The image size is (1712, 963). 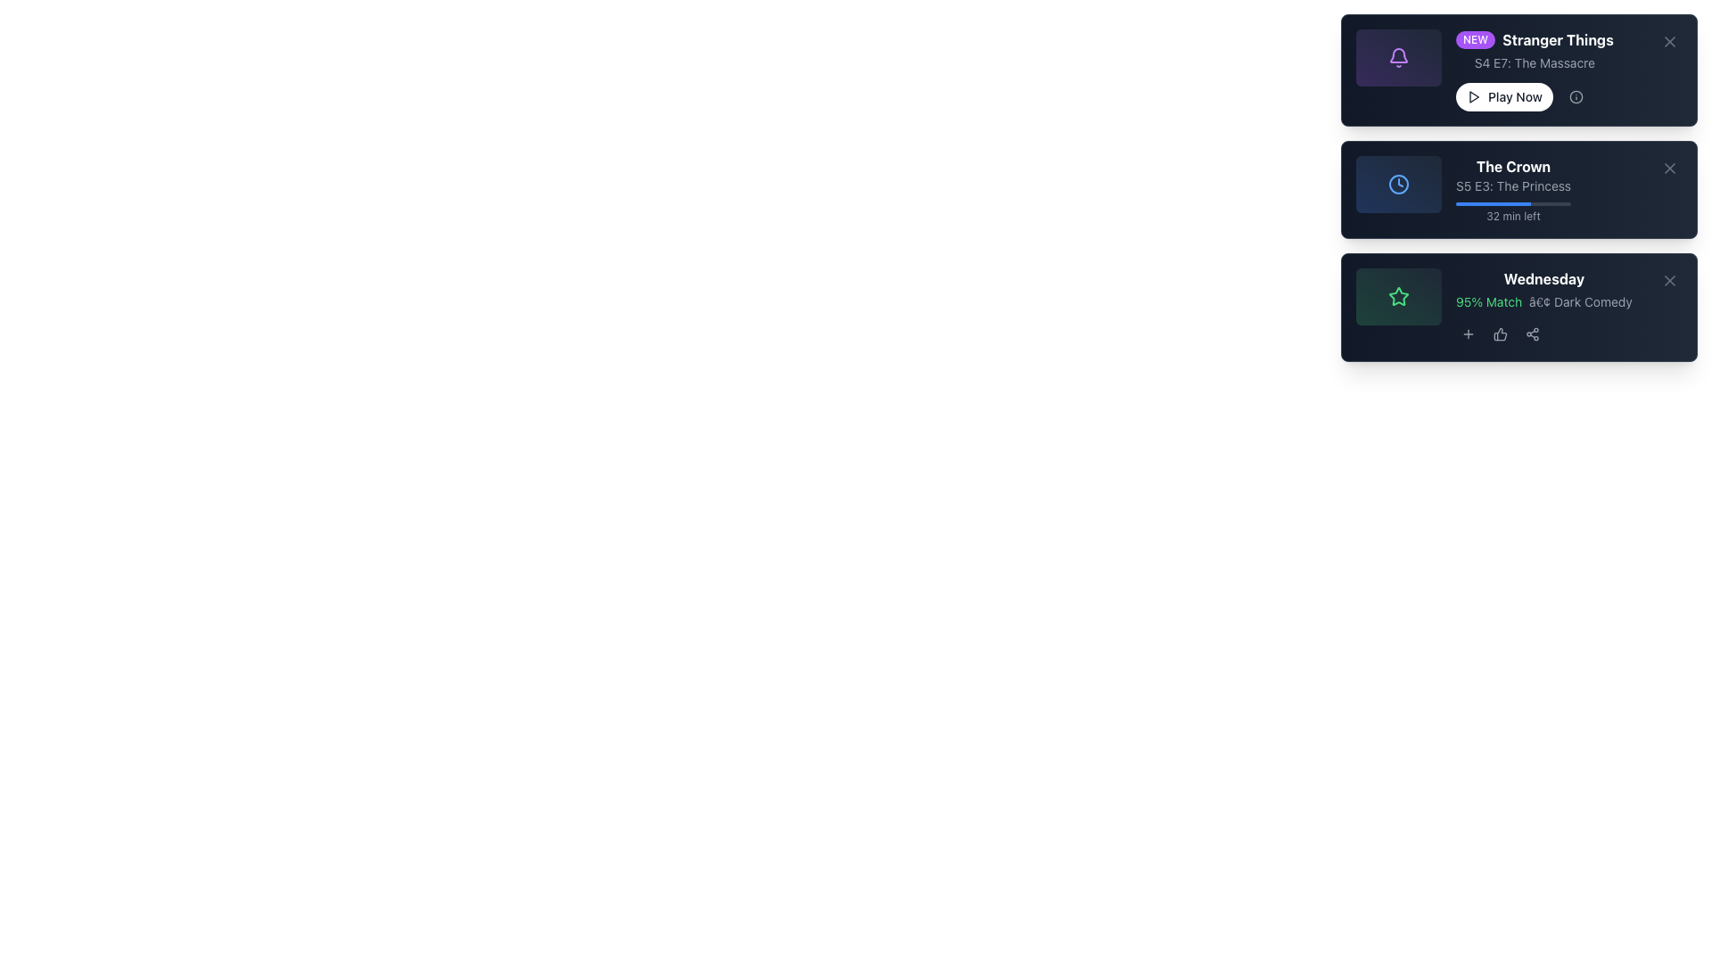 I want to click on text 'S5 E3: The Princess' displayed in small, gray font located below 'The Crown' and above '32 min left' in the middle card of the interface, so click(x=1512, y=185).